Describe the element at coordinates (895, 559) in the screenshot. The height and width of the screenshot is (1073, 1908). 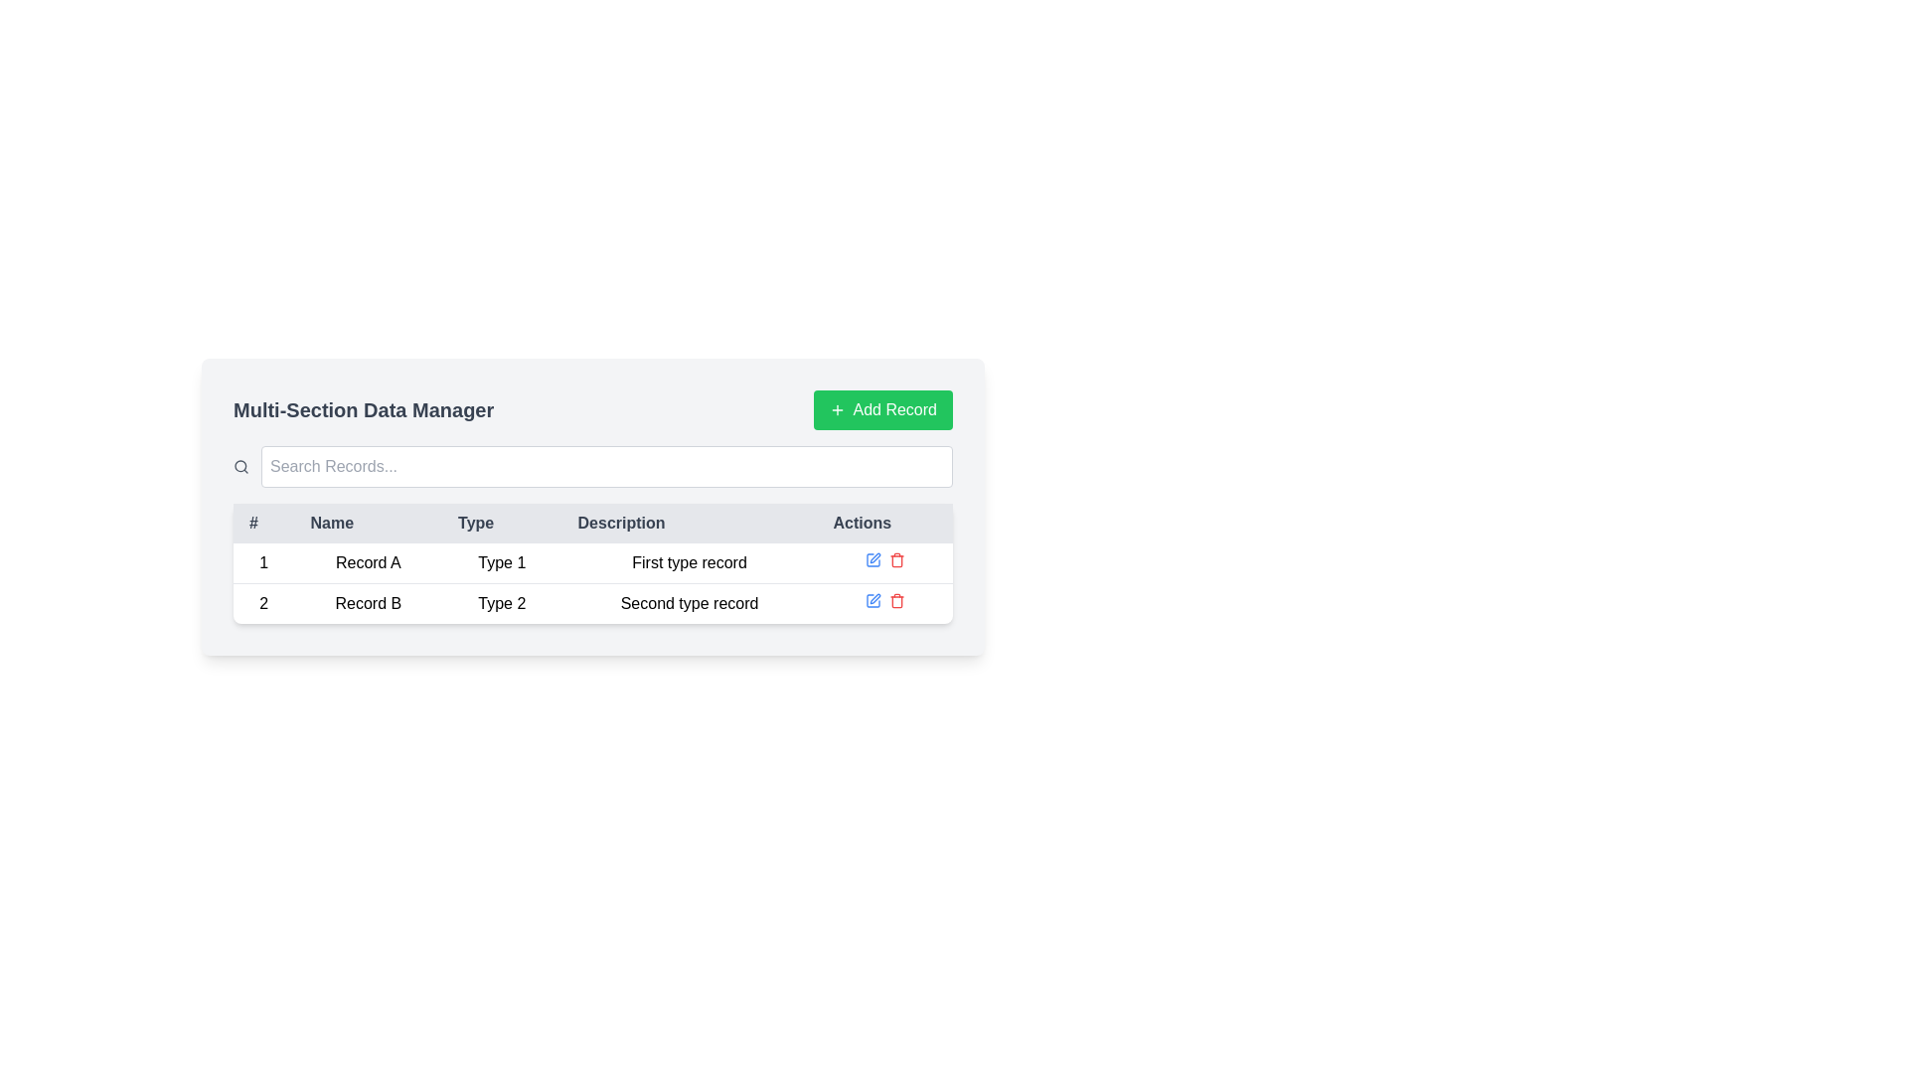
I see `the delete button located at the far-right of the second row in the data table within the 'Actions' column` at that location.